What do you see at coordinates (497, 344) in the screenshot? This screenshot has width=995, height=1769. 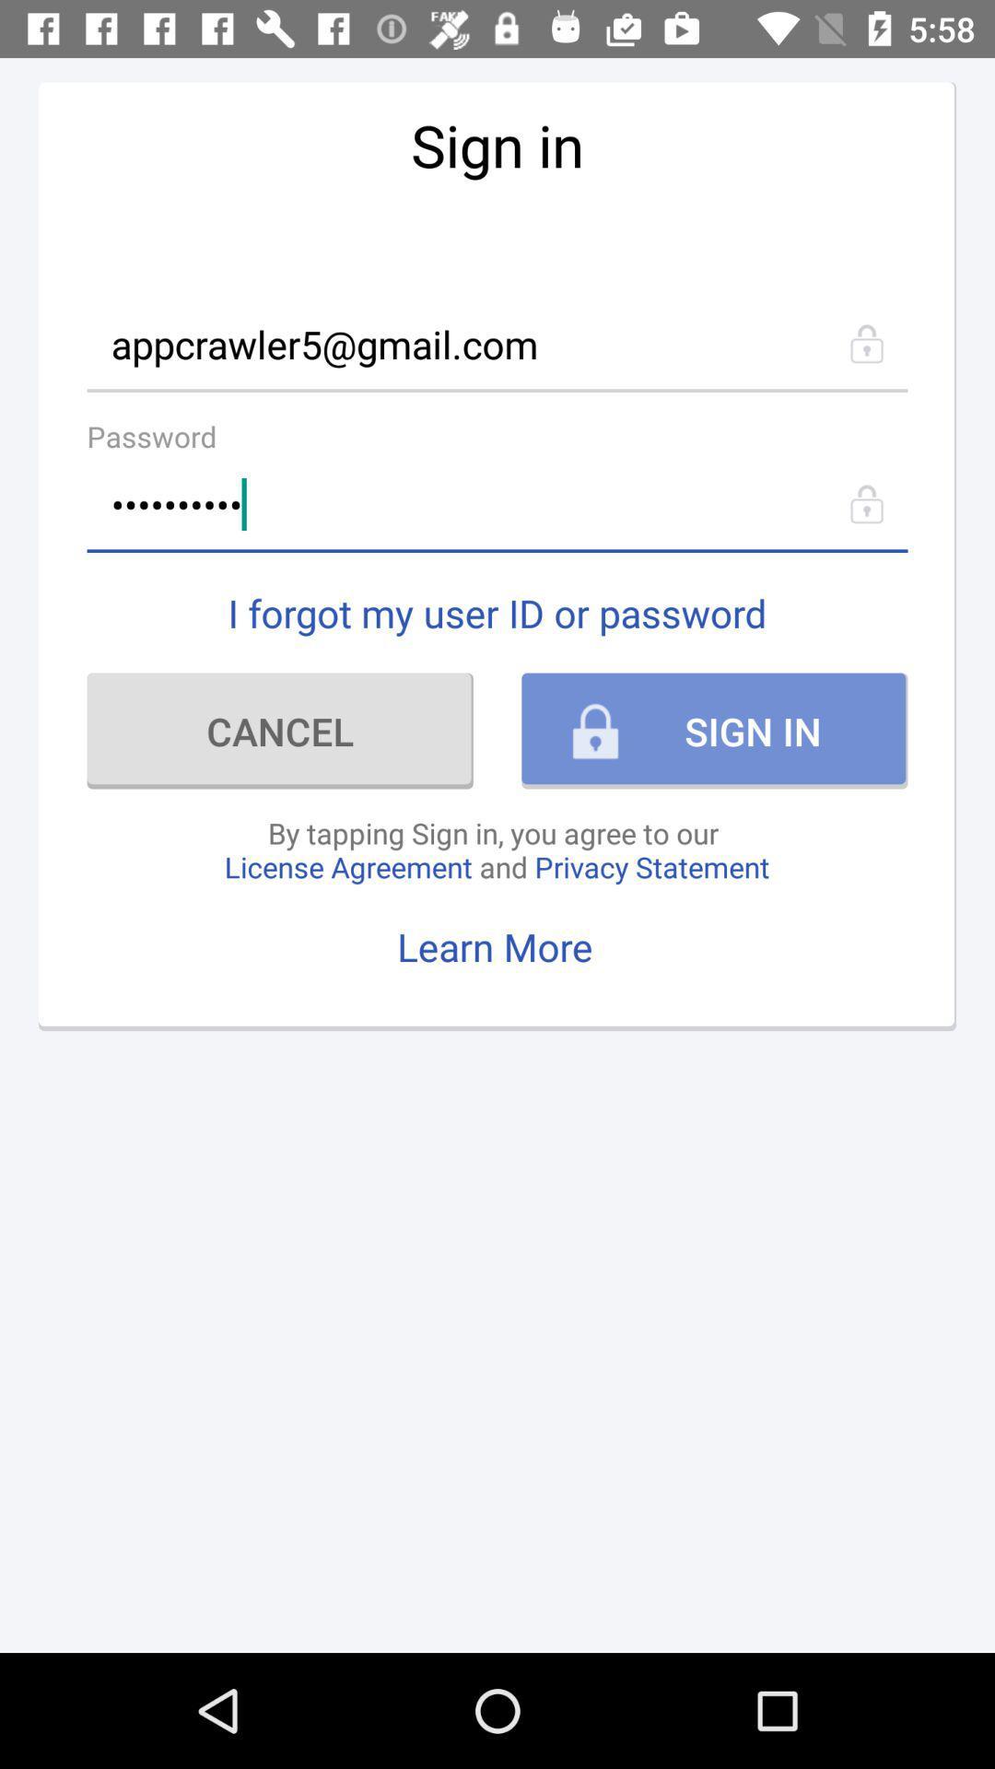 I see `icon above the password icon` at bounding box center [497, 344].